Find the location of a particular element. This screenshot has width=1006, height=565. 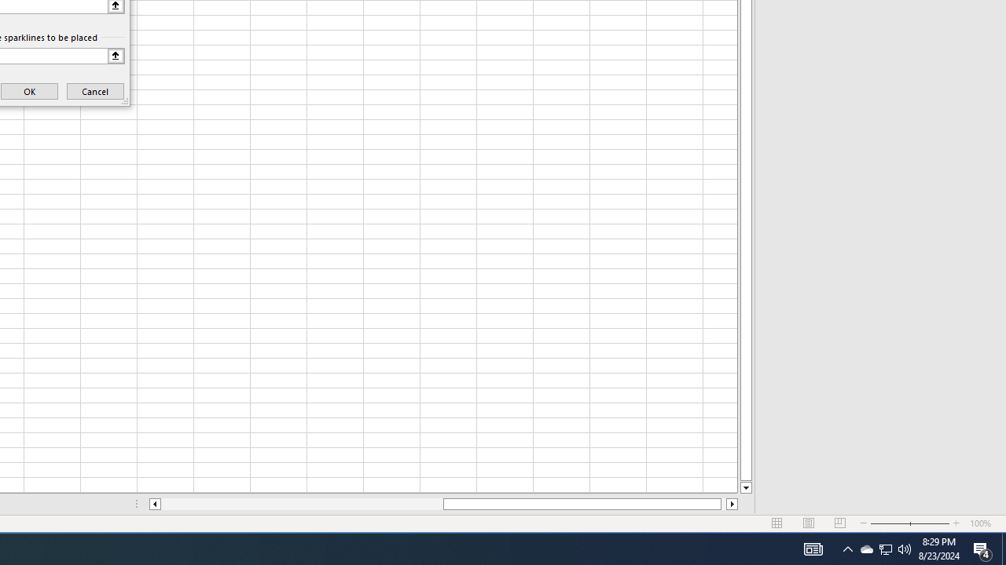

'Zoom In' is located at coordinates (956, 523).